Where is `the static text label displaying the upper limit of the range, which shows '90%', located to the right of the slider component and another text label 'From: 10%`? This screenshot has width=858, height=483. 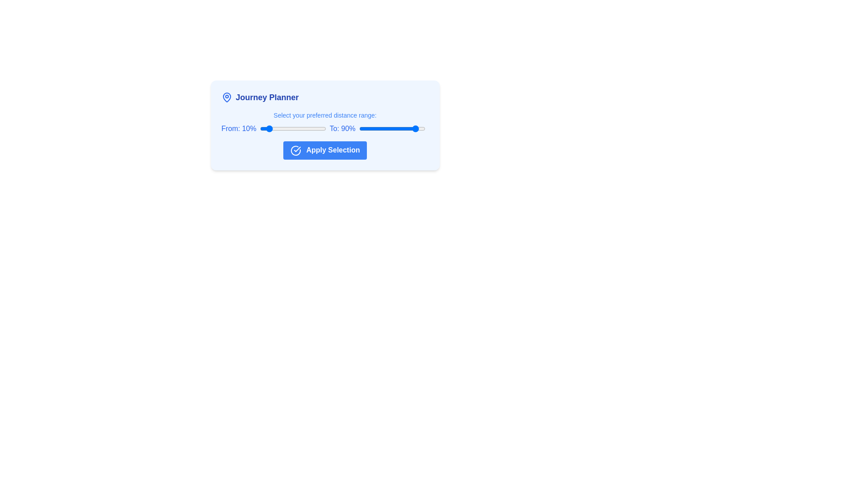 the static text label displaying the upper limit of the range, which shows '90%', located to the right of the slider component and another text label 'From: 10% is located at coordinates (342, 129).